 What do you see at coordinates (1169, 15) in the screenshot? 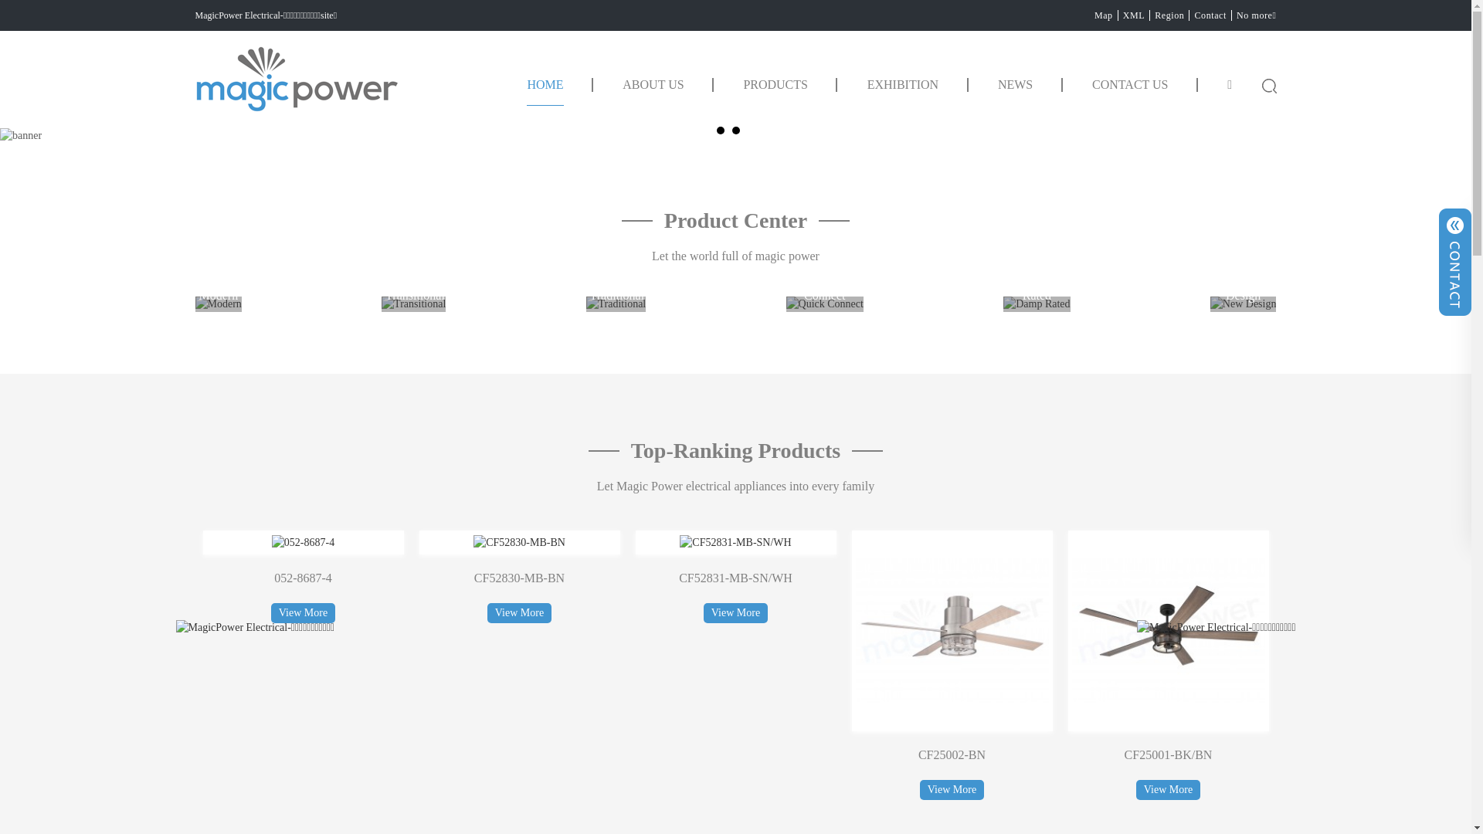
I see `'Region'` at bounding box center [1169, 15].